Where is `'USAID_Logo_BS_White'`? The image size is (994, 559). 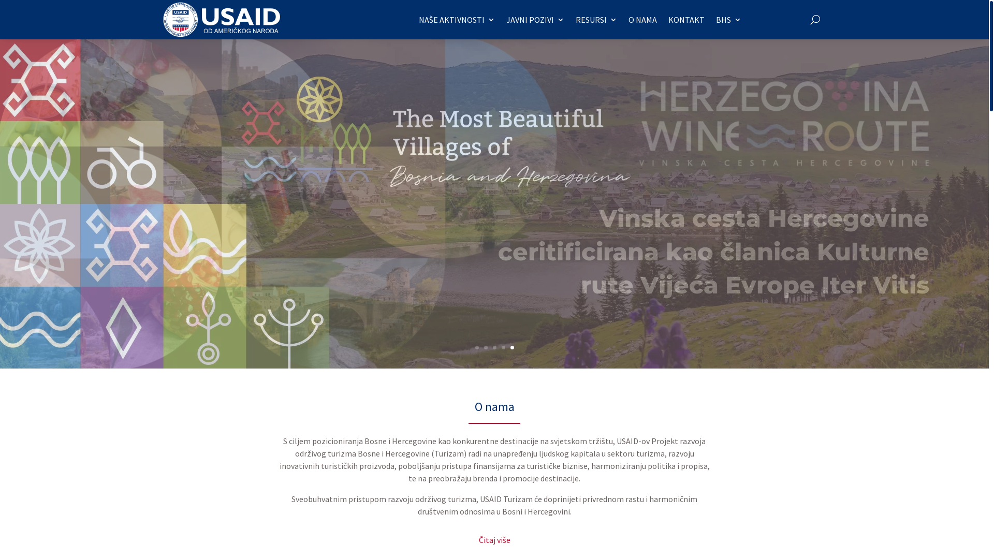
'USAID_Logo_BS_White' is located at coordinates (221, 20).